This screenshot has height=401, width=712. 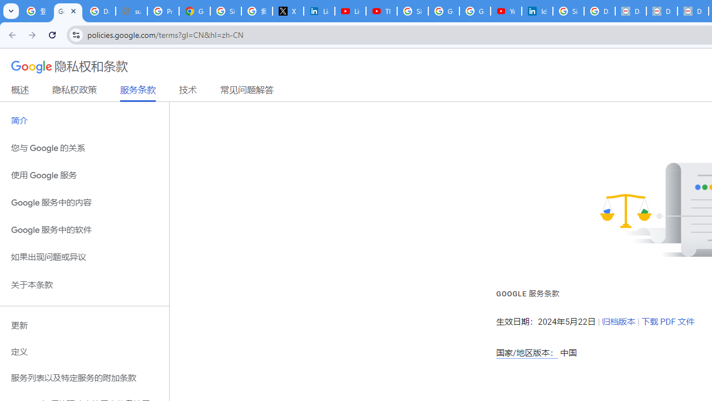 What do you see at coordinates (319, 11) in the screenshot?
I see `'LinkedIn Privacy Policy'` at bounding box center [319, 11].